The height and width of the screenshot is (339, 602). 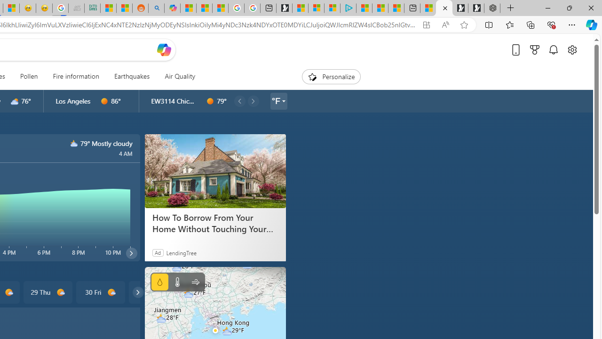 What do you see at coordinates (76, 76) in the screenshot?
I see `'Fire information'` at bounding box center [76, 76].